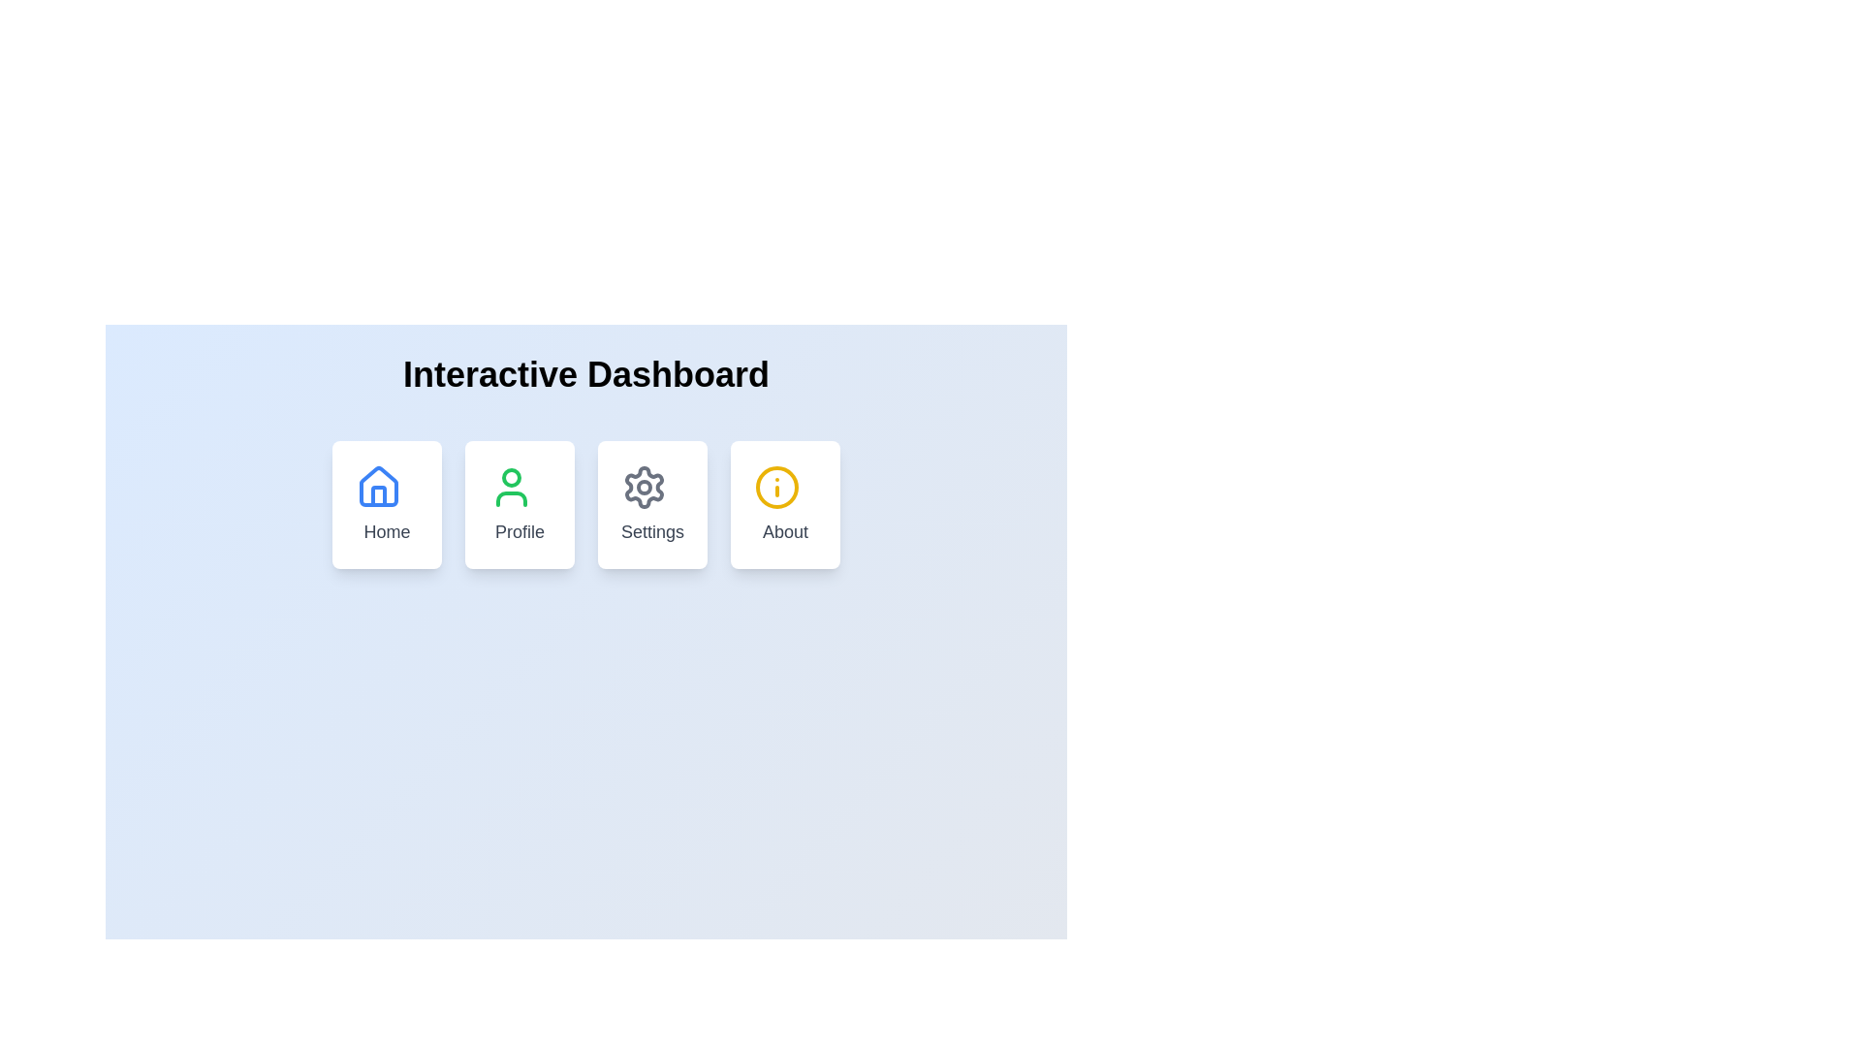 The width and height of the screenshot is (1861, 1047). I want to click on the Decorative SVG circle element located at the center of the gear-shaped icon in the 'Settings' section of the Interactive Dashboard, so click(645, 486).